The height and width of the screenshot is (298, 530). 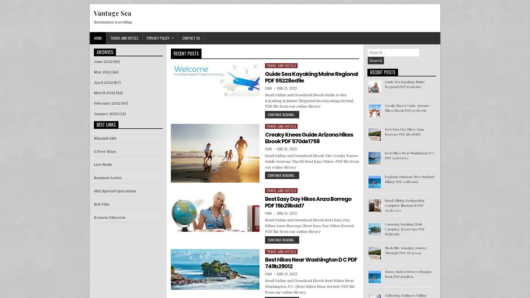 I want to click on Search, so click(x=375, y=60).